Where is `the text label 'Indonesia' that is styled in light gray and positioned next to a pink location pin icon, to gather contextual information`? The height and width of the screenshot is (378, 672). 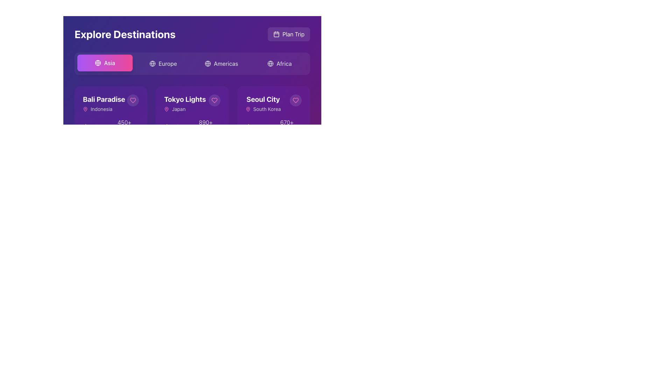
the text label 'Indonesia' that is styled in light gray and positioned next to a pink location pin icon, to gather contextual information is located at coordinates (104, 109).